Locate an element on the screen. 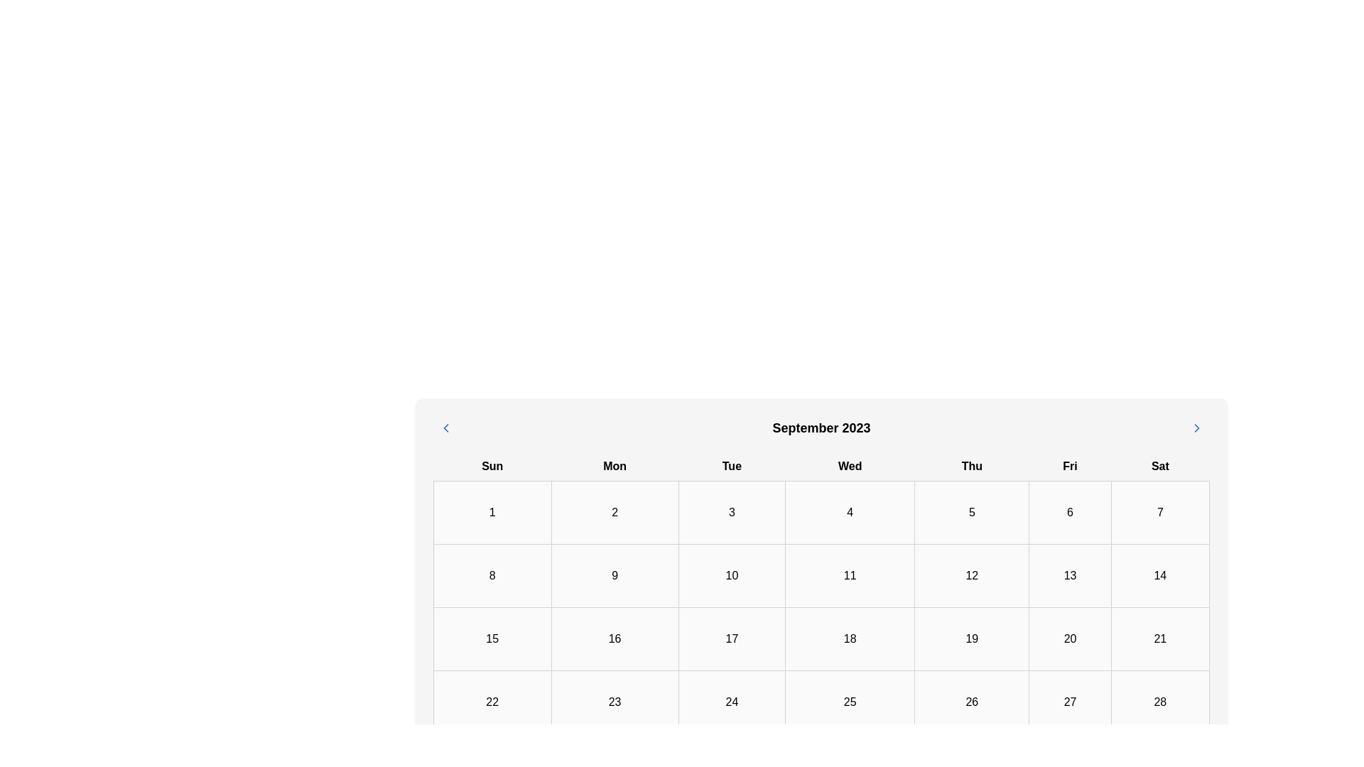 This screenshot has width=1364, height=767. the date cell representing the date '23' in the calendar grid is located at coordinates (615, 701).